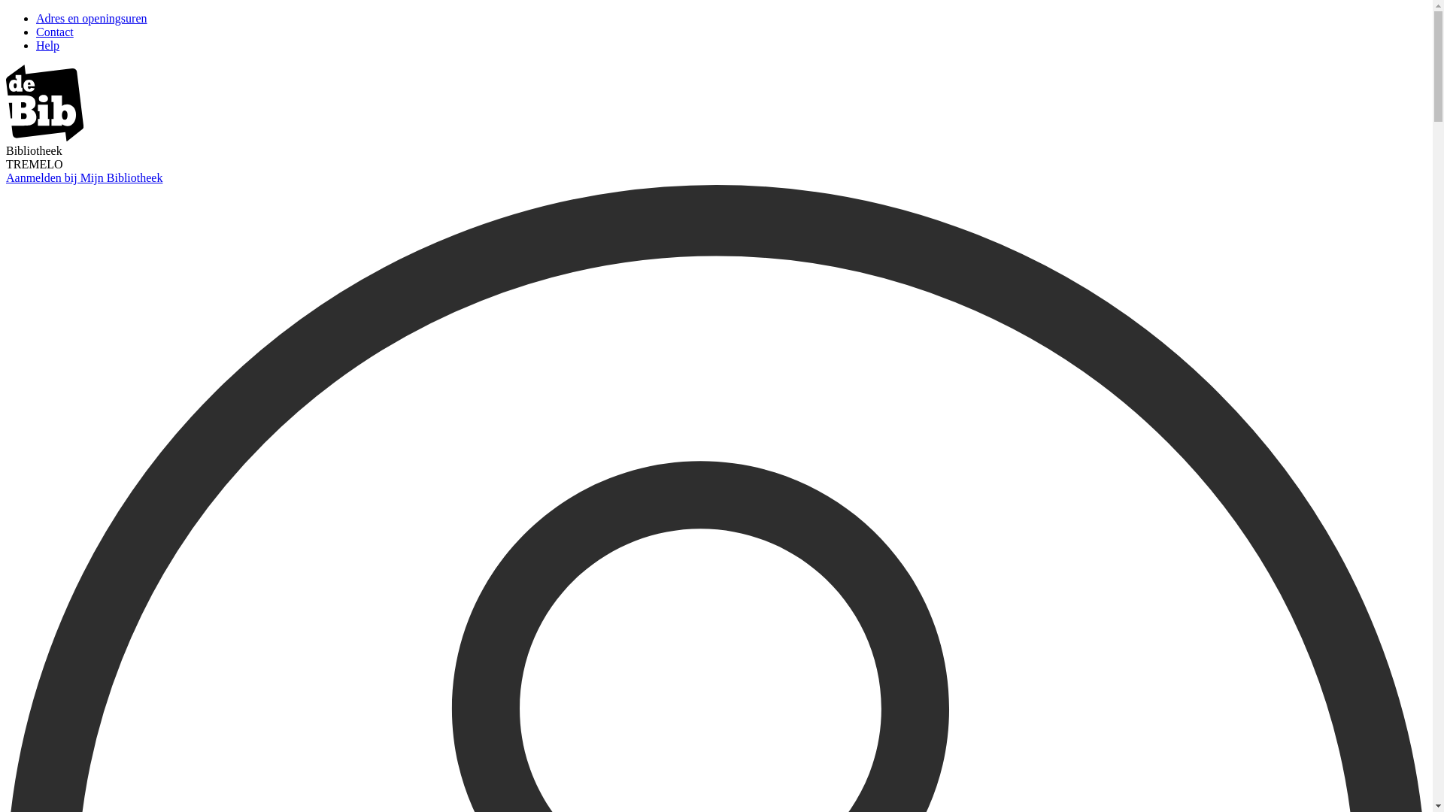 Image resolution: width=1444 pixels, height=812 pixels. Describe the element at coordinates (90, 18) in the screenshot. I see `'Adres en openingsuren'` at that location.